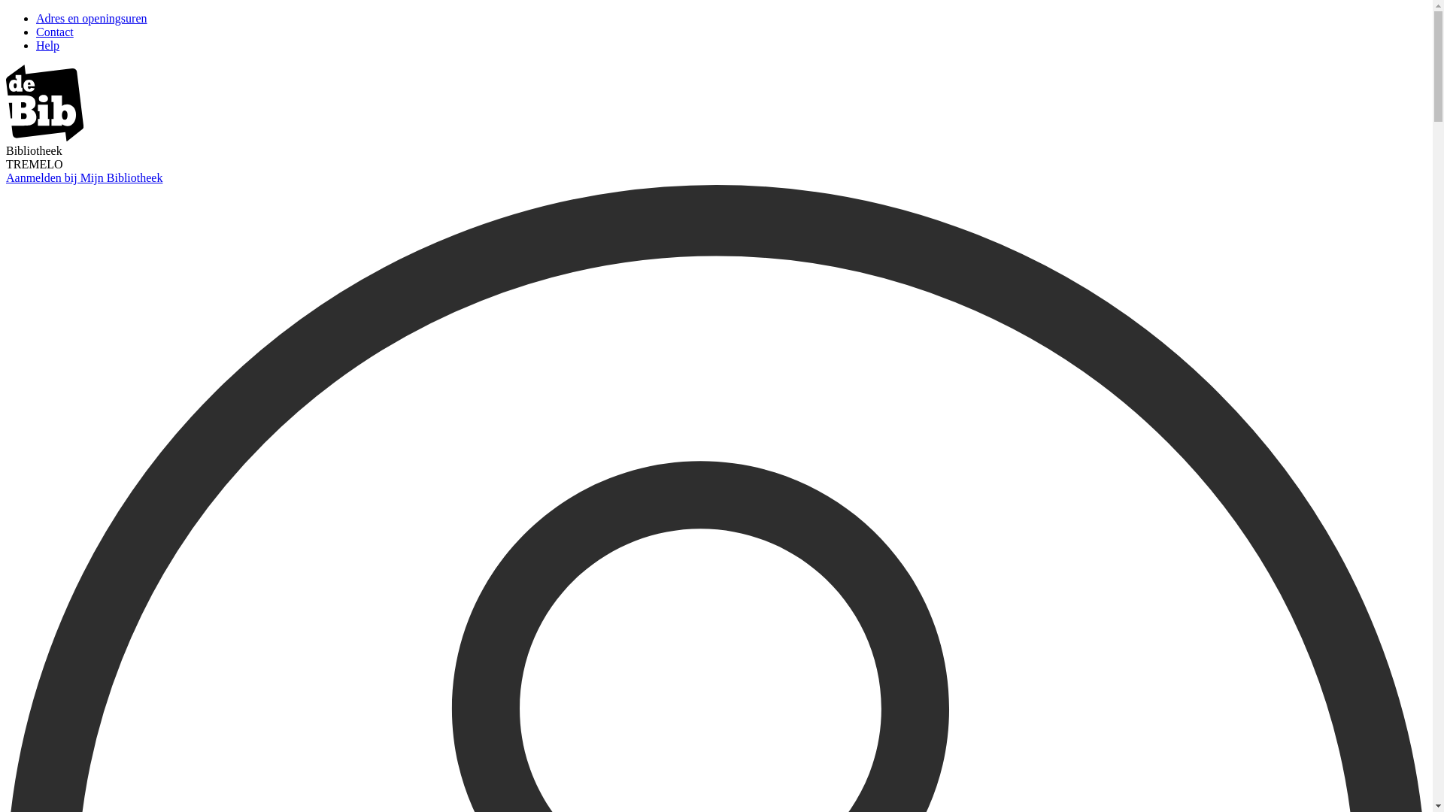 Image resolution: width=1444 pixels, height=812 pixels. Describe the element at coordinates (90, 18) in the screenshot. I see `'Adres en openingsuren'` at that location.